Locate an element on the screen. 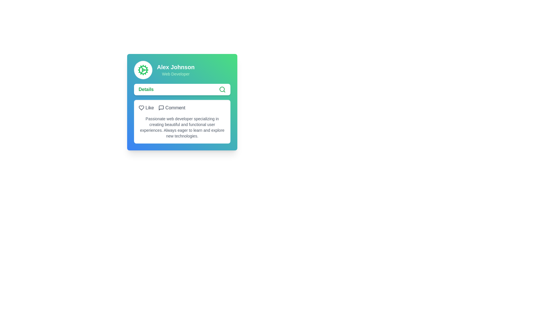  the green cogwheel icon located in the top left corner of the profile card, just above the name 'Alex Johnson' is located at coordinates (143, 69).